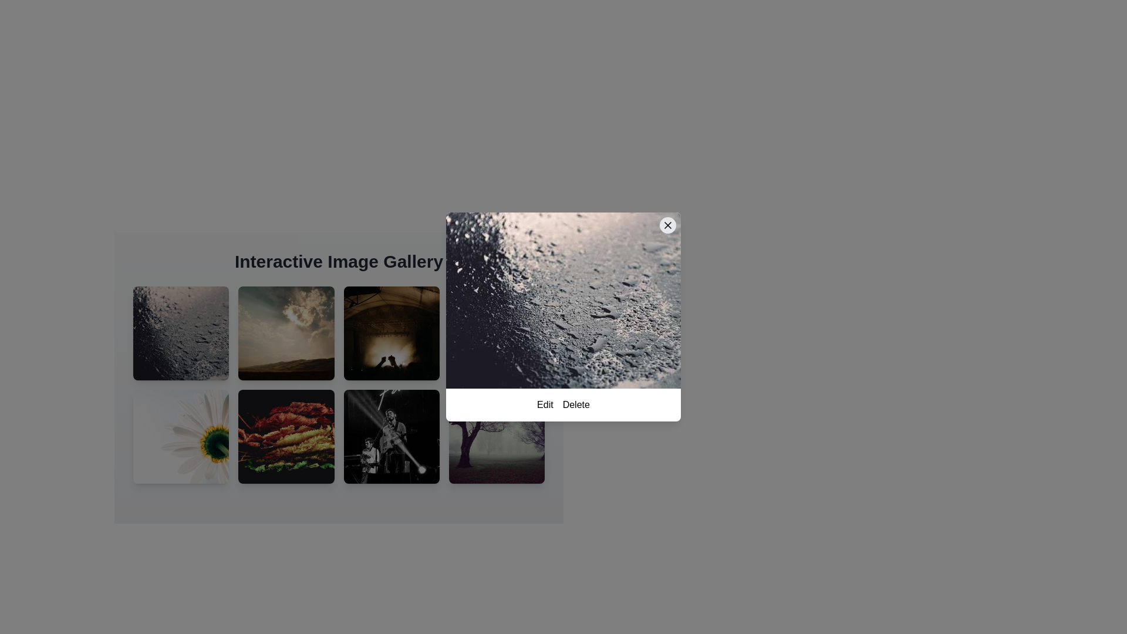 The height and width of the screenshot is (634, 1127). What do you see at coordinates (392, 437) in the screenshot?
I see `the zoom-in icon (SVG) located at the center of the black-and-white image` at bounding box center [392, 437].